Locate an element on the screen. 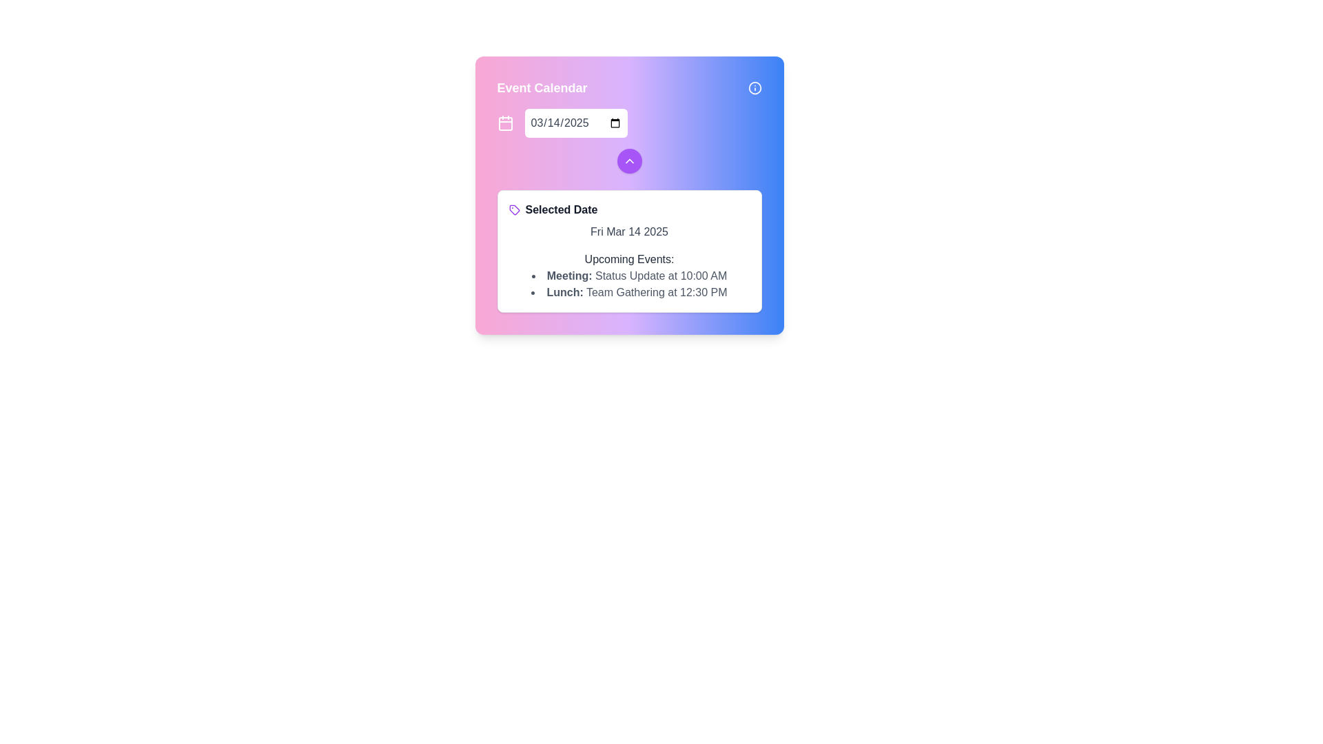 This screenshot has height=744, width=1323. the purple circular button icon located at the top-center of the card interface, just below the date input field is located at coordinates (628, 161).